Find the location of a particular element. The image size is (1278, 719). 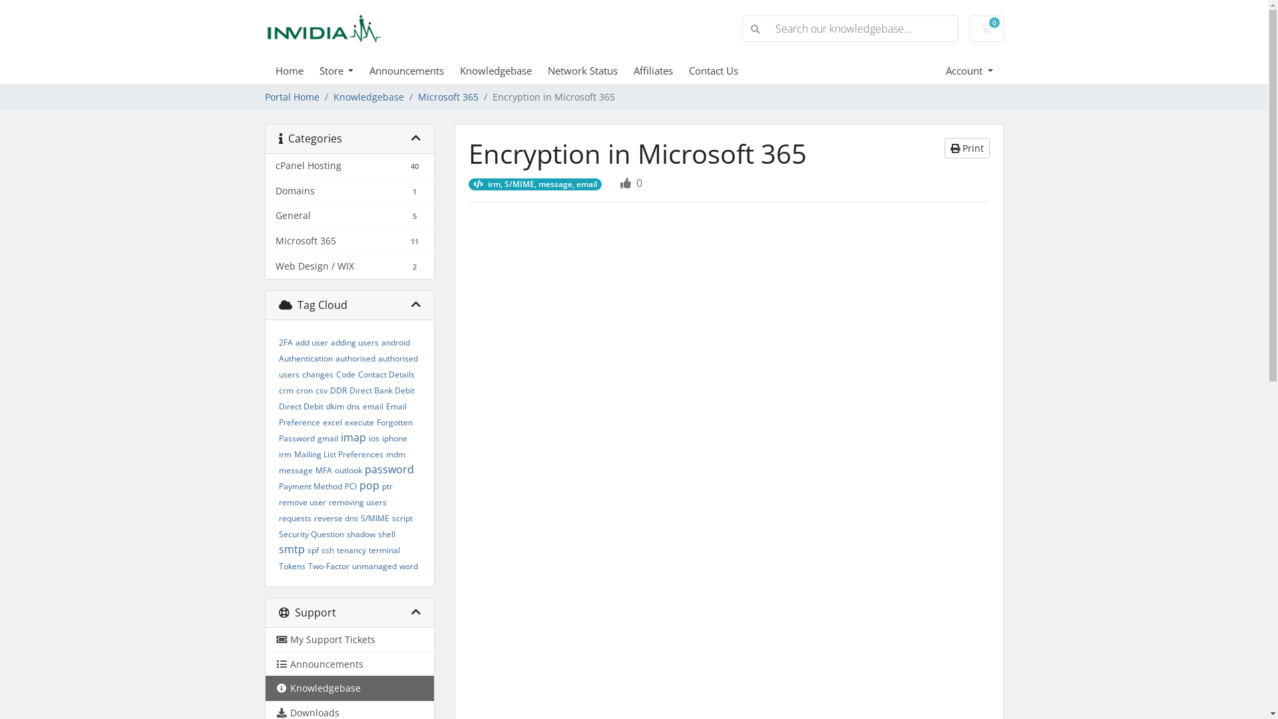

'shell' is located at coordinates (377, 533).